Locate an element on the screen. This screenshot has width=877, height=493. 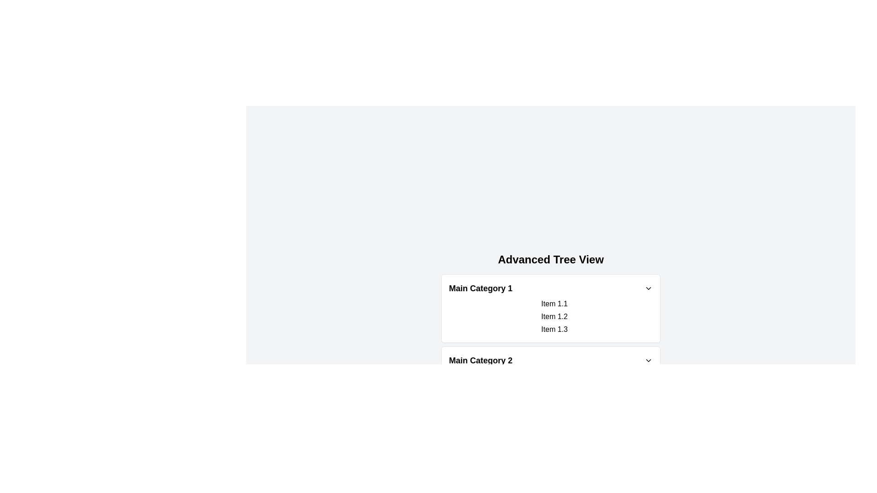
the list item labeled 'Item 1.1' in the dropdown of 'Main Category 1', which is the first item in the list, positioned above 'Item 1.2' and 'Item 1.3' is located at coordinates (554, 304).